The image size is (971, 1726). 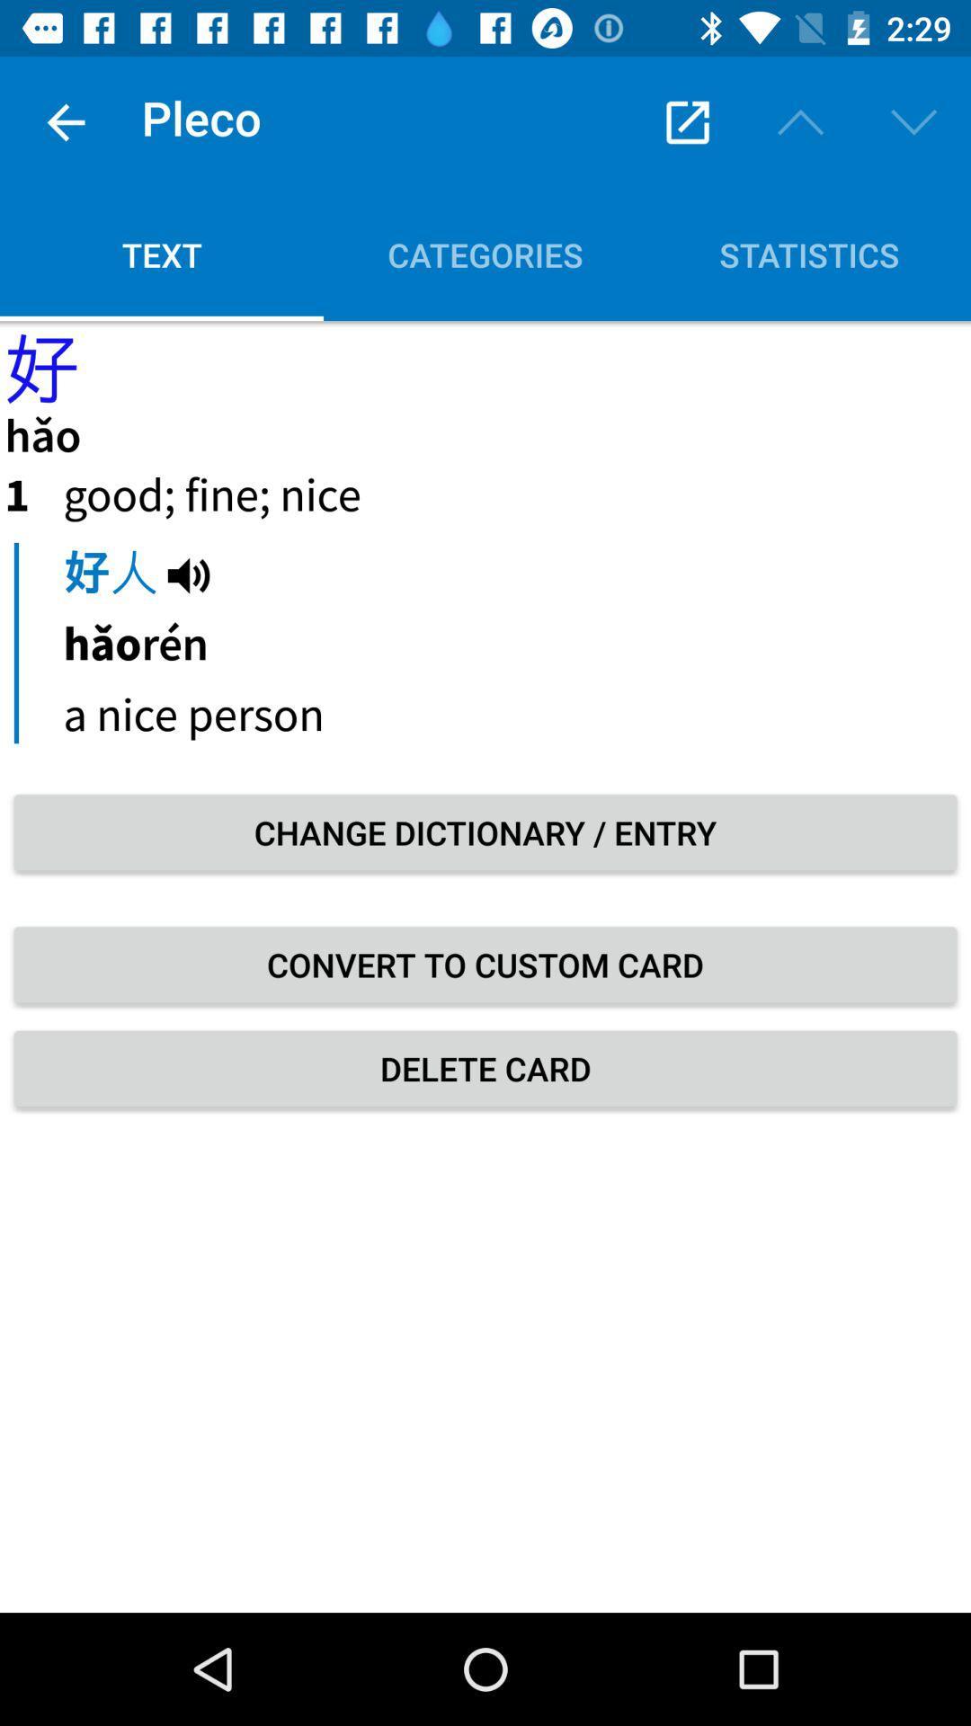 I want to click on icon above the convert to custom icon, so click(x=485, y=832).